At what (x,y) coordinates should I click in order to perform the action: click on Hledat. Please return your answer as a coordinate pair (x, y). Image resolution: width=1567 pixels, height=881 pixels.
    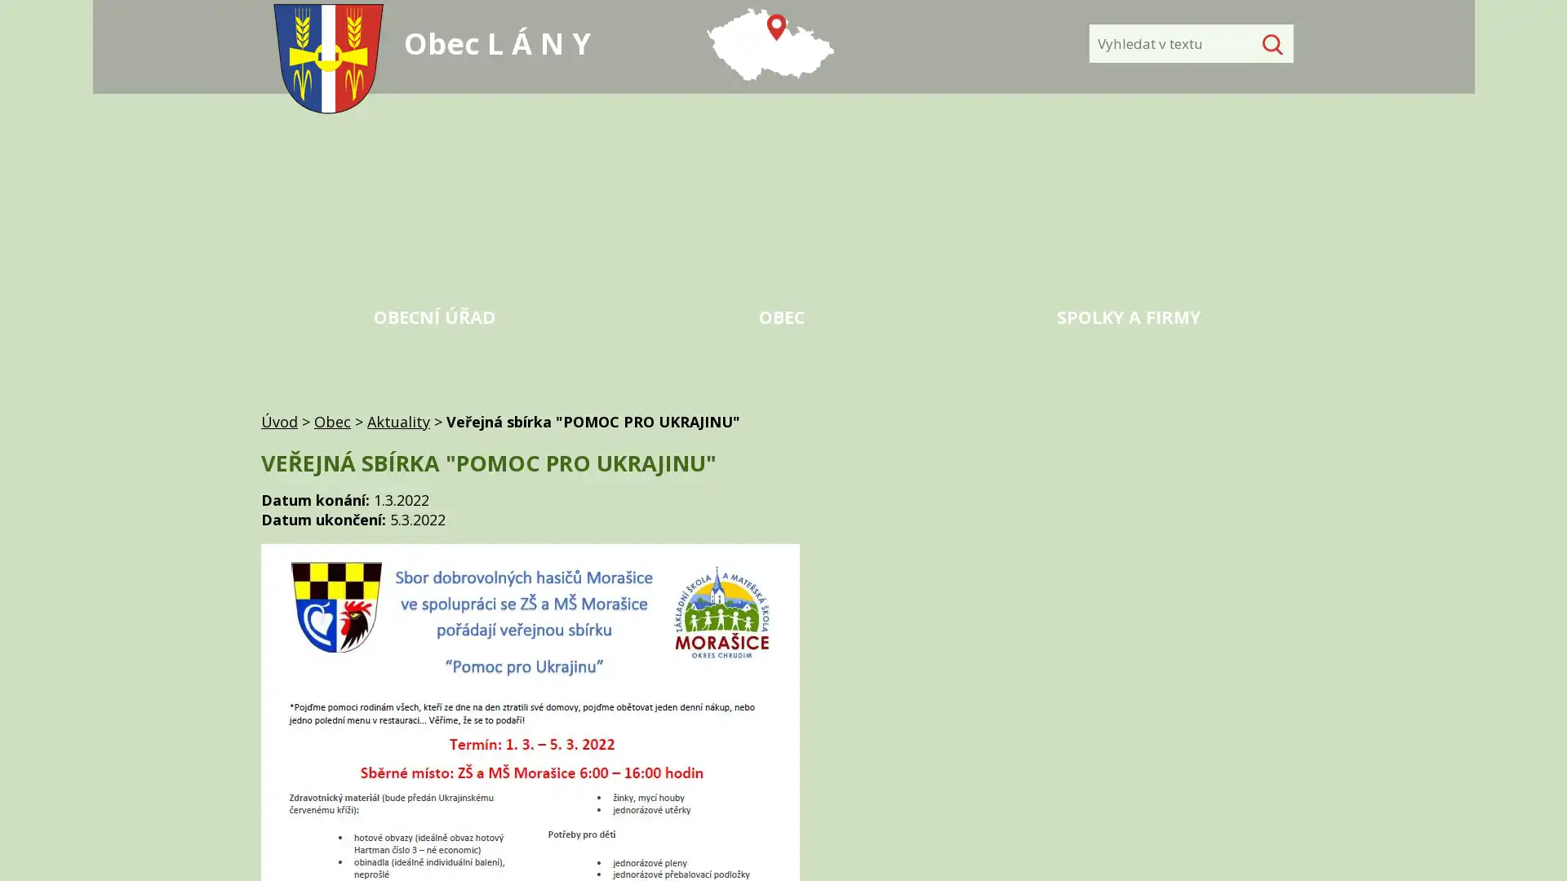
    Looking at the image, I should click on (1268, 43).